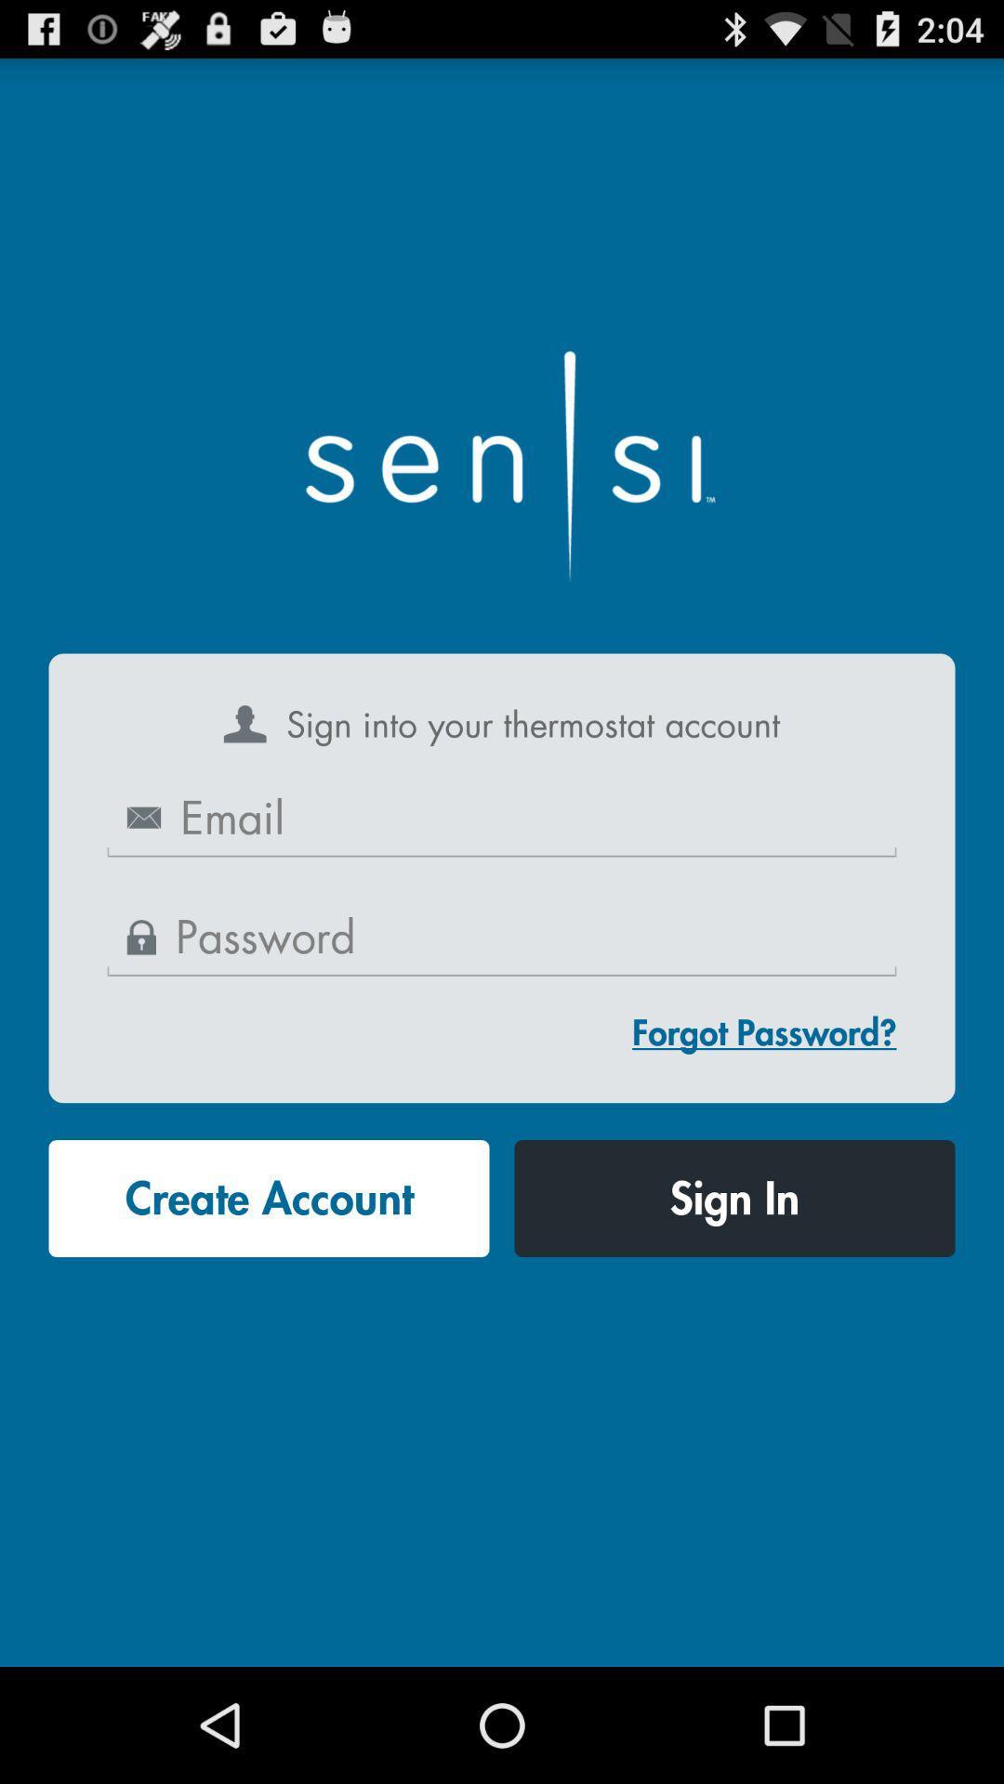 The width and height of the screenshot is (1004, 1784). I want to click on the  forgot password?  item, so click(764, 1031).